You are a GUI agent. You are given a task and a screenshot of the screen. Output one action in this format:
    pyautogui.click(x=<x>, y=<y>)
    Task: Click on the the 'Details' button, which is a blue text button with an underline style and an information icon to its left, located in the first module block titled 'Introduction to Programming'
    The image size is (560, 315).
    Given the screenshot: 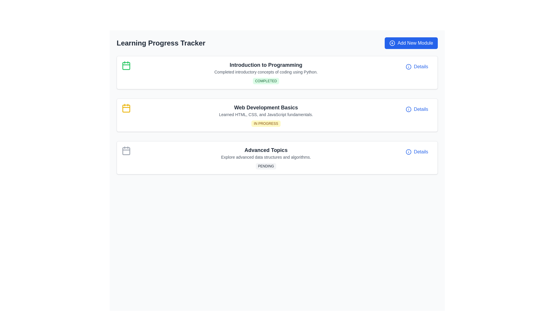 What is the action you would take?
    pyautogui.click(x=416, y=66)
    